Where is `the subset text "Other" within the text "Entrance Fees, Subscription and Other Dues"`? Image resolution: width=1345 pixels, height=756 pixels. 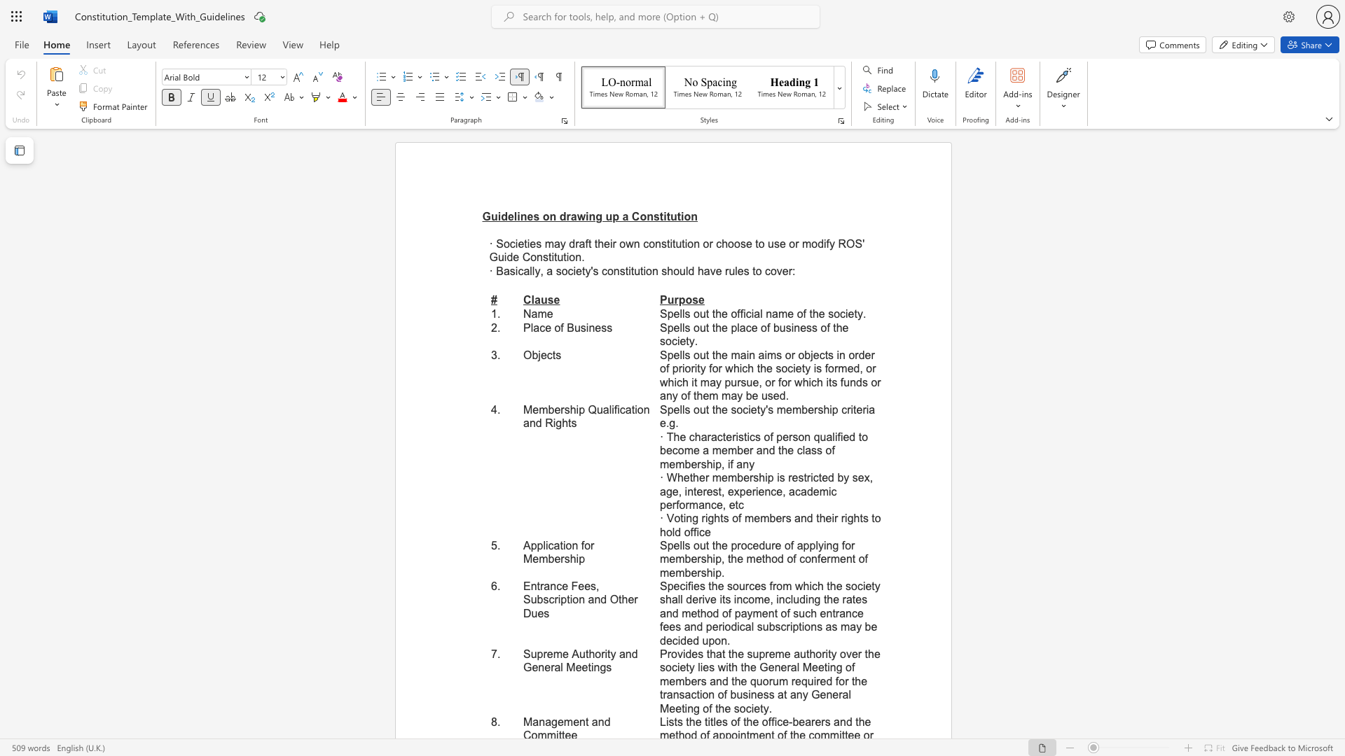
the subset text "Other" within the text "Entrance Fees, Subscription and Other Dues" is located at coordinates (609, 598).